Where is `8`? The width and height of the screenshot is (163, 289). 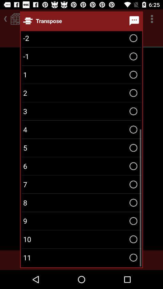
8 is located at coordinates (81, 203).